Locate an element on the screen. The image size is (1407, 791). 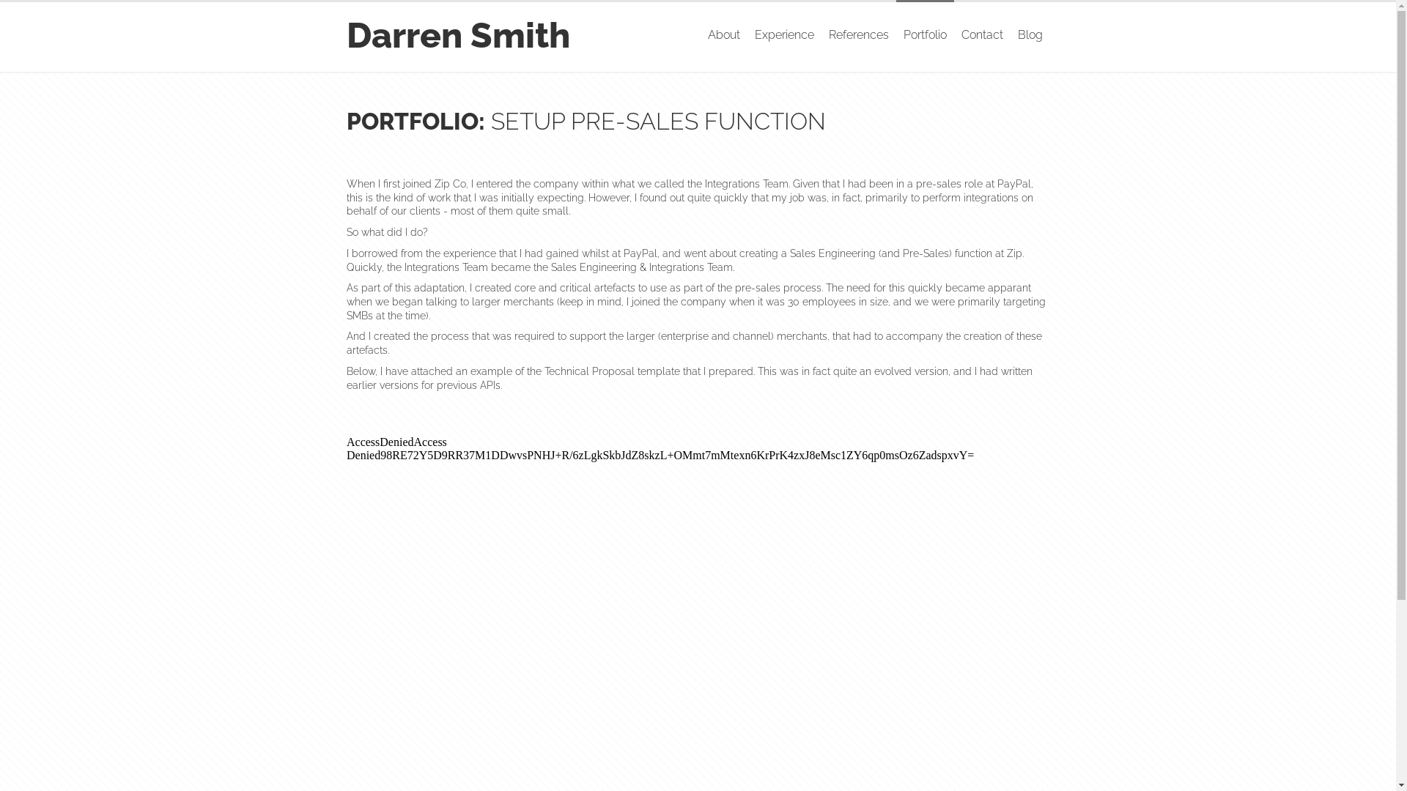
'Darren Smith' is located at coordinates (457, 34).